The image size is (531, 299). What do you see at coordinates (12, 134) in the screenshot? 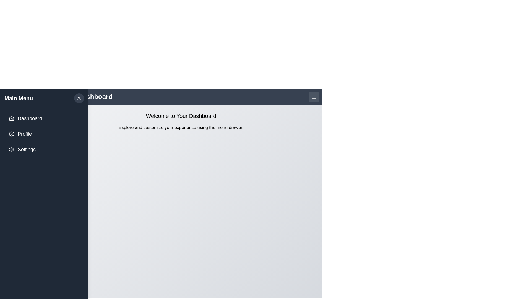
I see `the circular Decorator within the user profile icon in the sidebar, which is located between the 'Dashboard' and 'Settings' items` at bounding box center [12, 134].